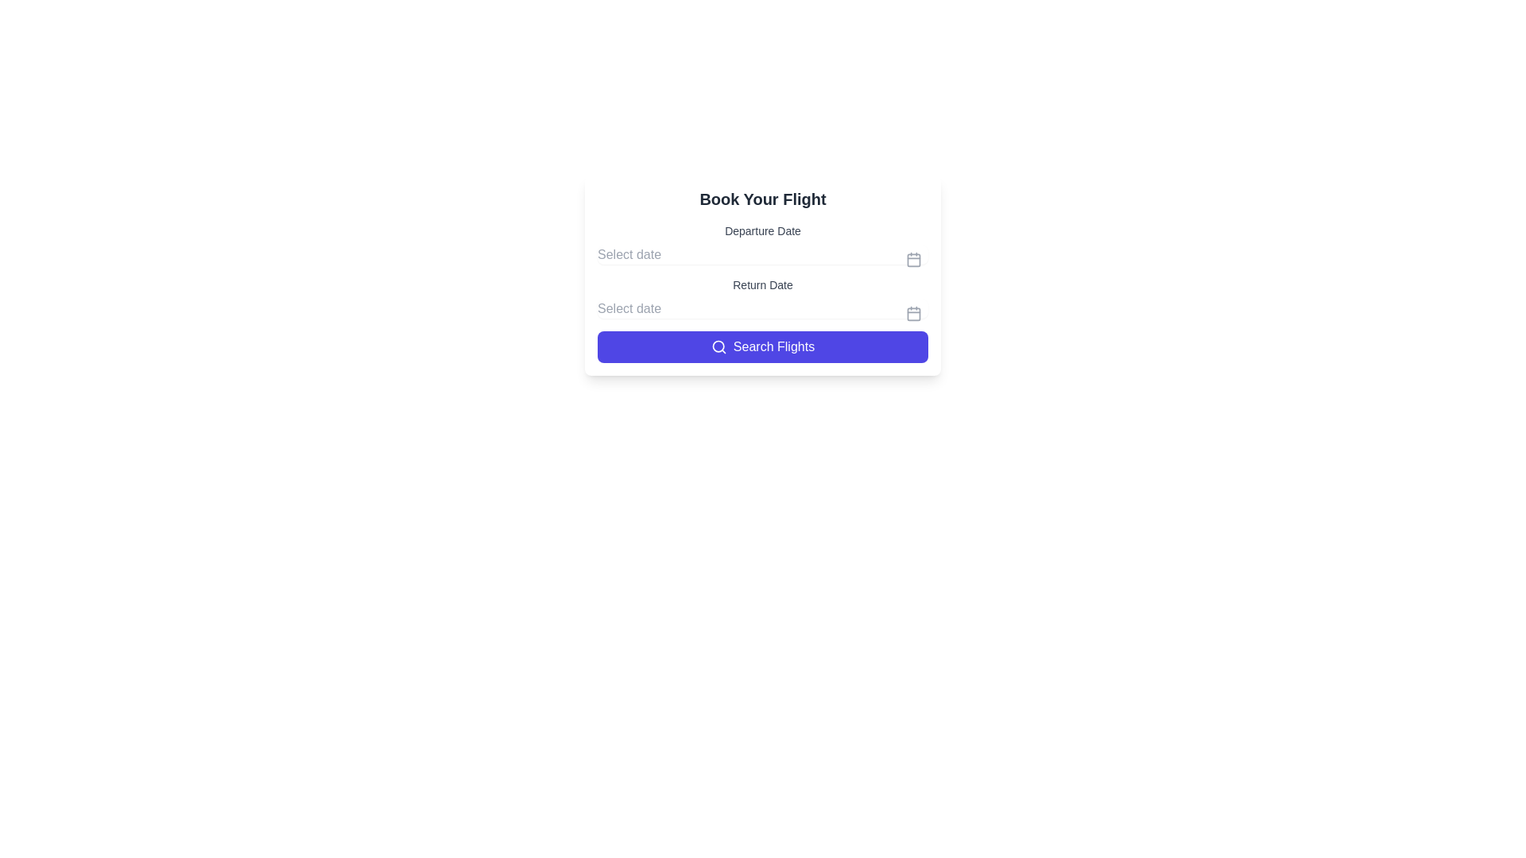 Image resolution: width=1526 pixels, height=858 pixels. I want to click on the calendar icon for the 'Return Date' date-picker functionality, which has a gray outline and a white background, located on the right side of the 'Return Date' label, so click(914, 313).